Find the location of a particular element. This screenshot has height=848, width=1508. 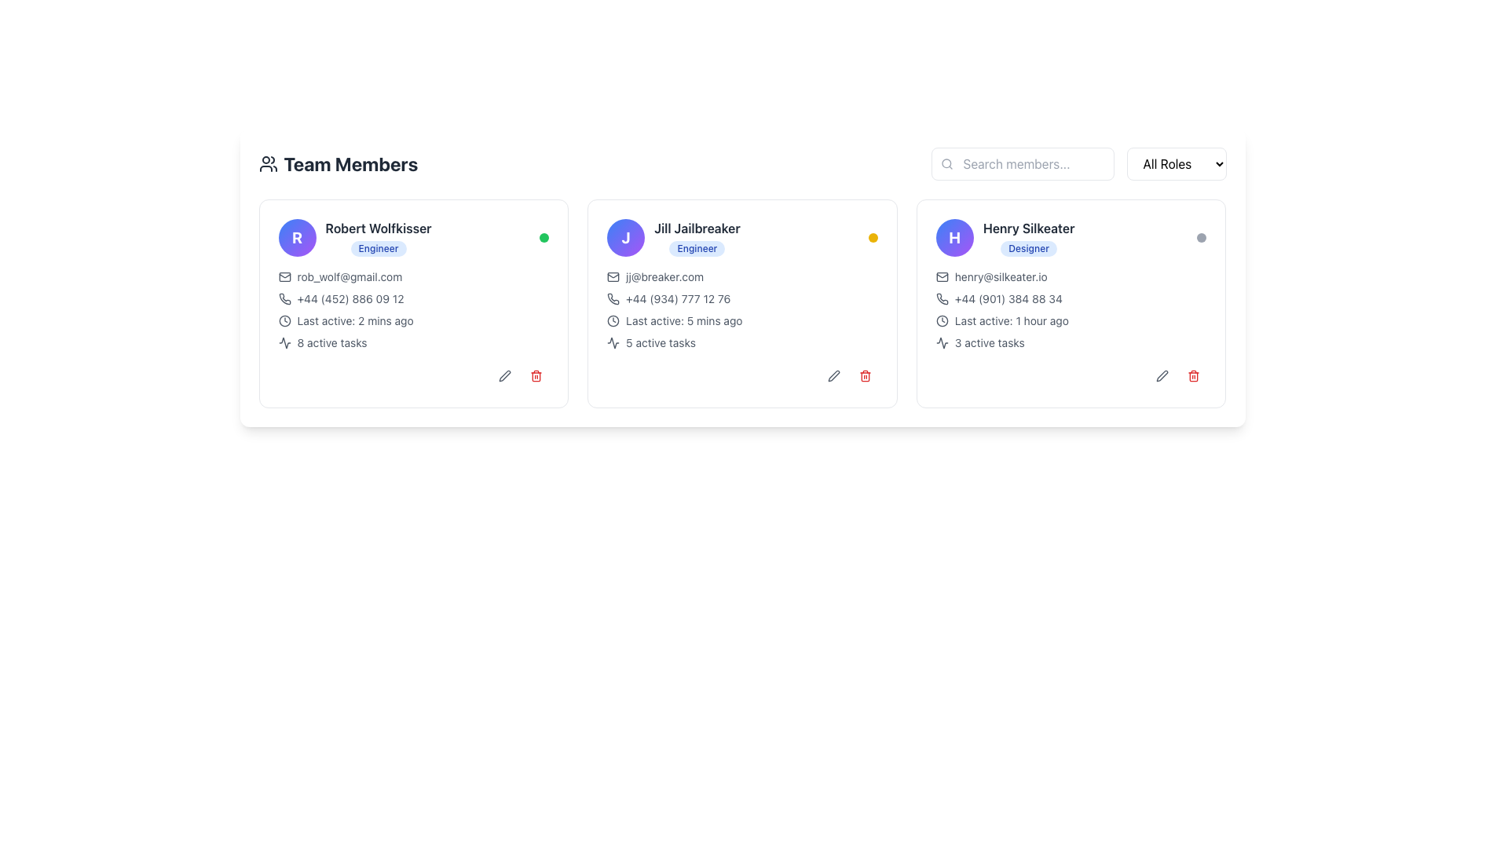

the phone icon located in the profile card of 'Jill Jailbreaker', which is represented in a vector graphic style with an outline design is located at coordinates (613, 299).